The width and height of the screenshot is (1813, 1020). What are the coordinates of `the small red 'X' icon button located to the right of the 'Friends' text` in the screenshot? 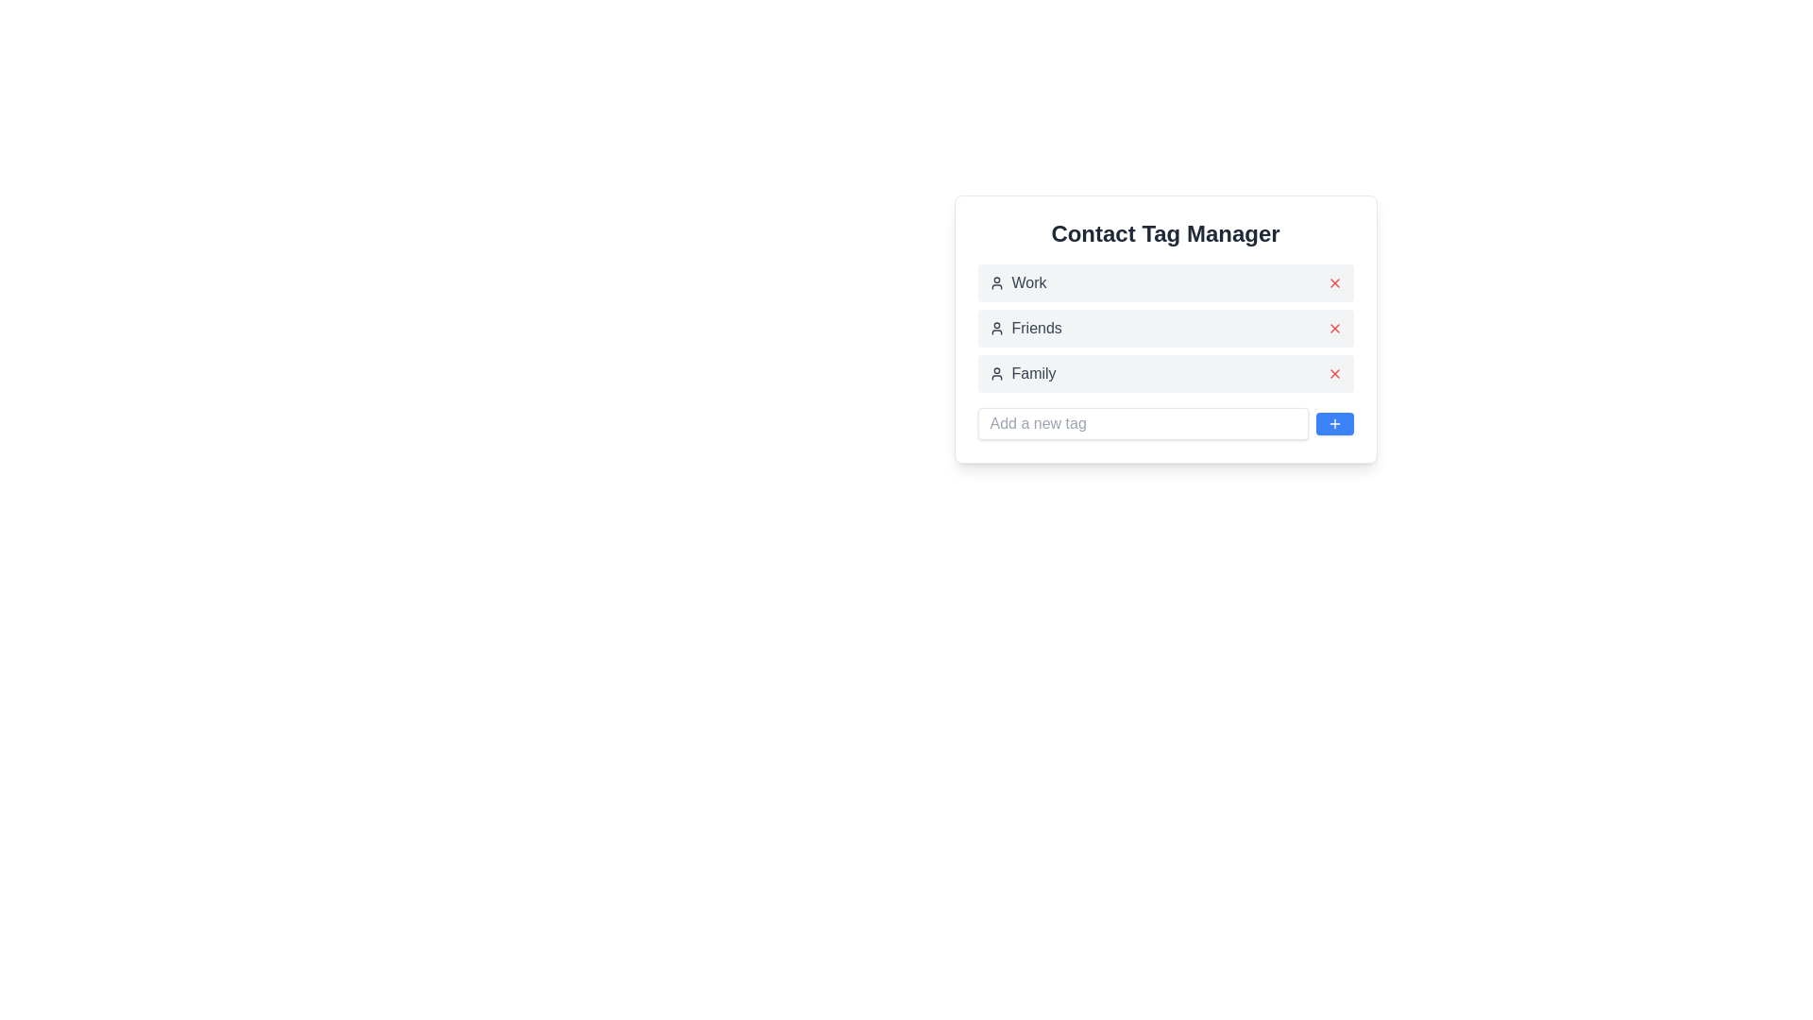 It's located at (1333, 327).